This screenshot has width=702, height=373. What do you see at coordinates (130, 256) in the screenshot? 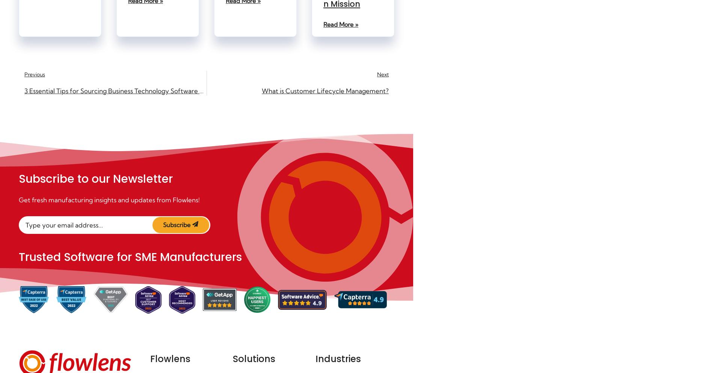
I see `'Trusted Software for SME Manufacturers'` at bounding box center [130, 256].